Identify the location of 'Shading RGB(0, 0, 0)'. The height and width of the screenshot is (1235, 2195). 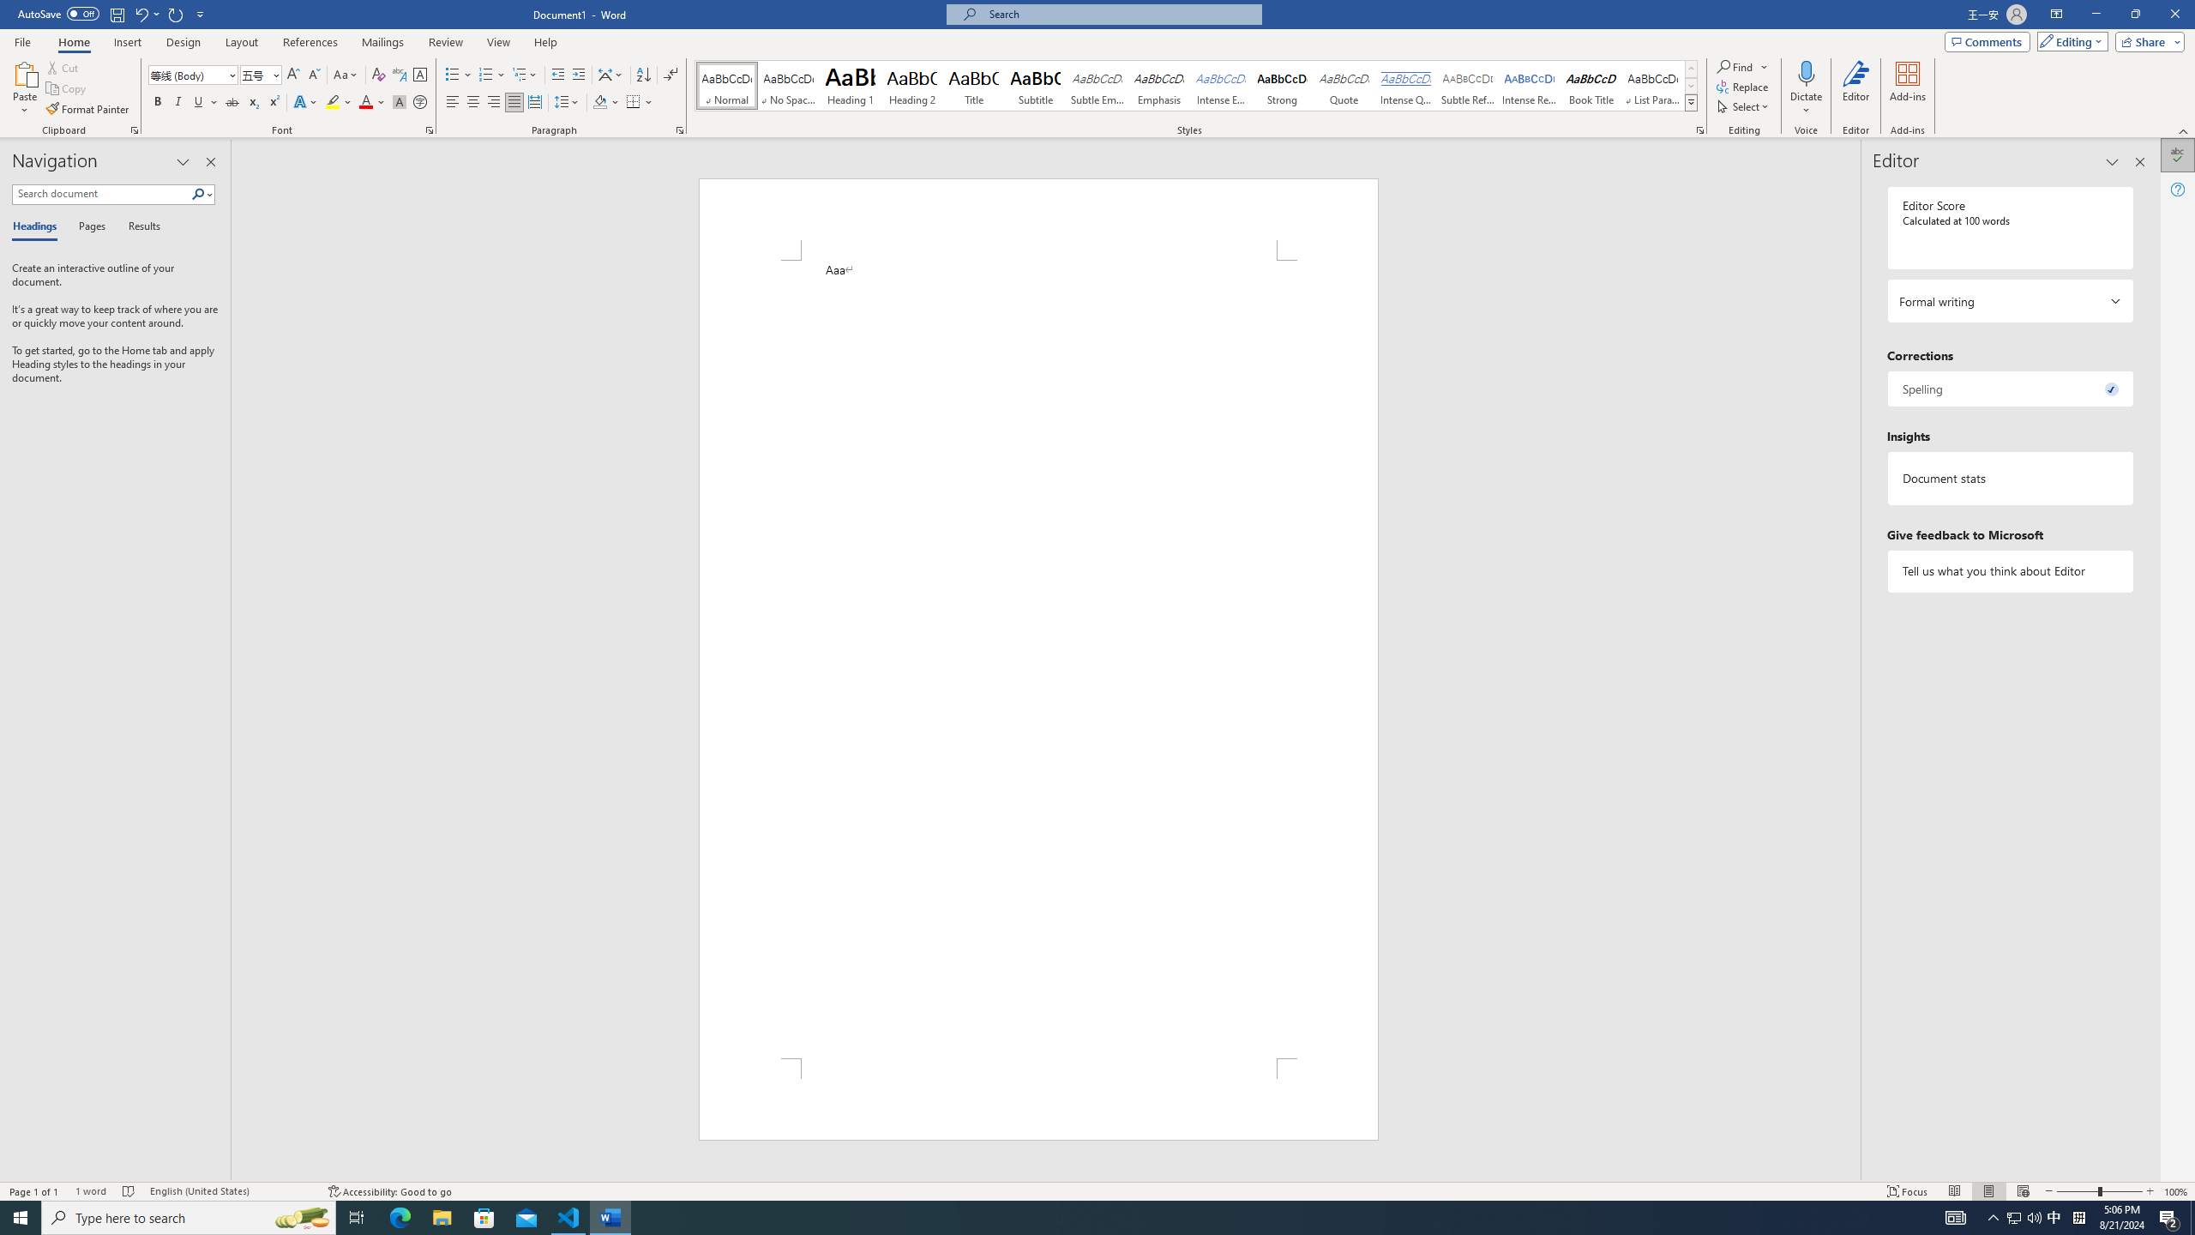
(600, 101).